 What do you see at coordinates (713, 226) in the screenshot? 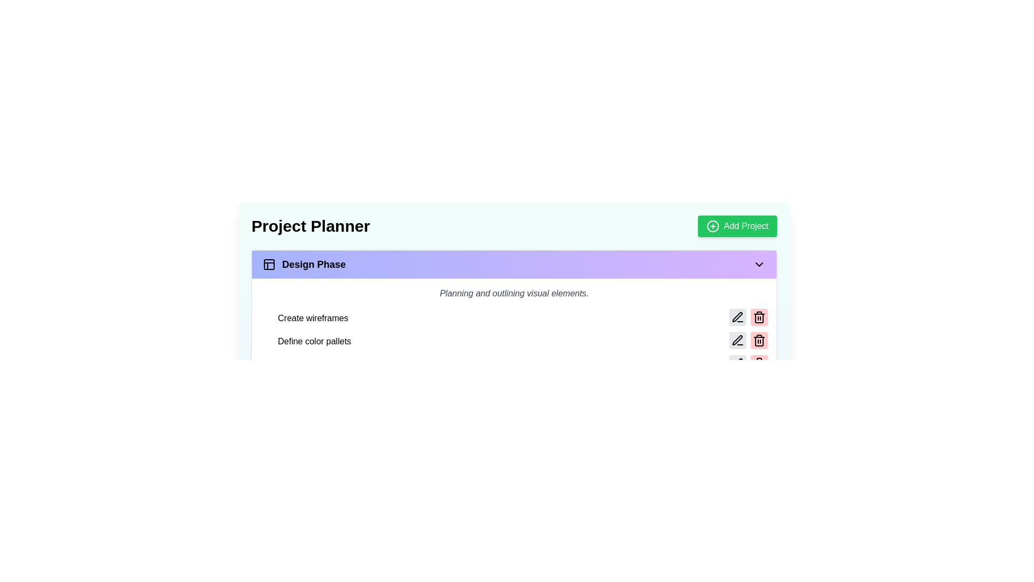
I see `the icon representing the action of adding a new project or item located within the 'Add Project' button at the top-right corner of the interface` at bounding box center [713, 226].